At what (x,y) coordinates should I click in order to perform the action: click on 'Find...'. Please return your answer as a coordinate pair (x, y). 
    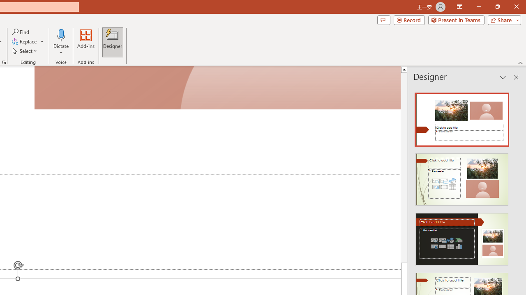
    Looking at the image, I should click on (21, 32).